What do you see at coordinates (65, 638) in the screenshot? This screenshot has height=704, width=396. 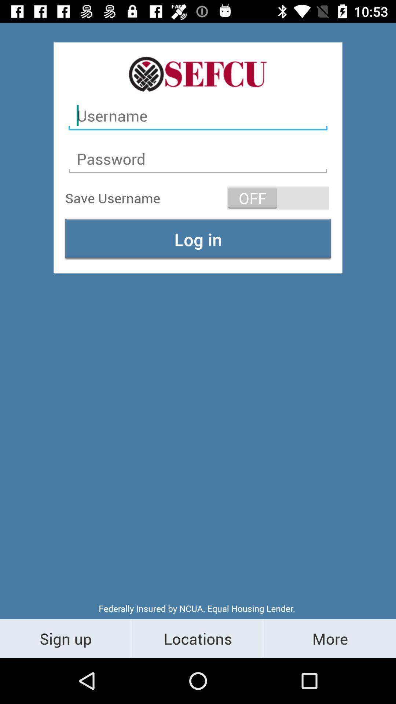 I see `sign up icon` at bounding box center [65, 638].